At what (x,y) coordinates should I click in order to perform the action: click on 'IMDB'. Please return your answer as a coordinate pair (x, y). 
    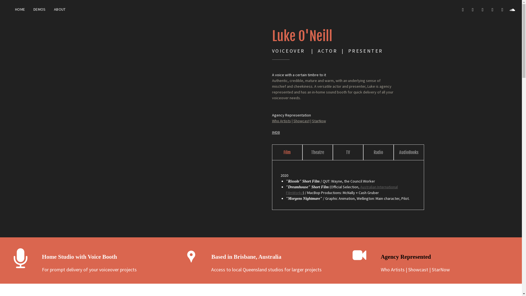
    Looking at the image, I should click on (272, 132).